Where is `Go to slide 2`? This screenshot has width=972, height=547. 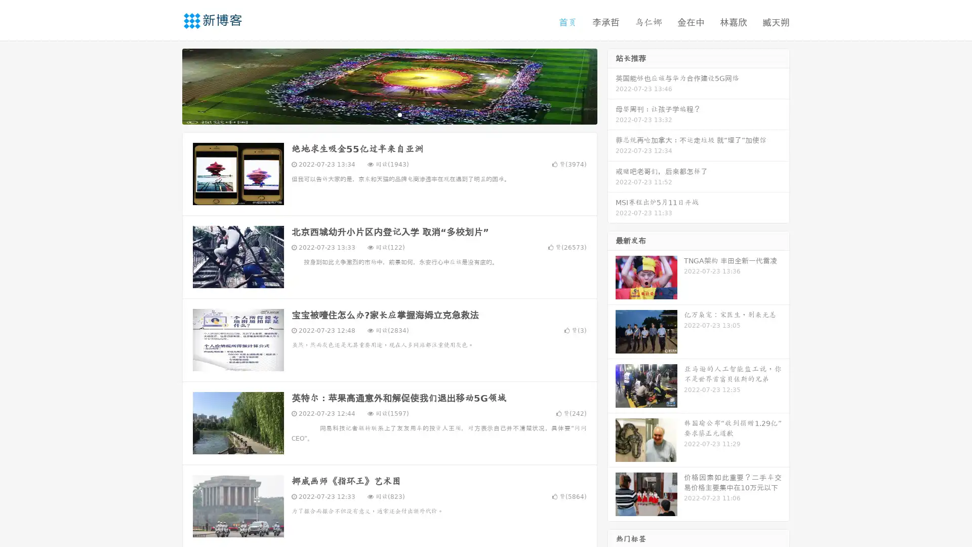 Go to slide 2 is located at coordinates (389, 114).